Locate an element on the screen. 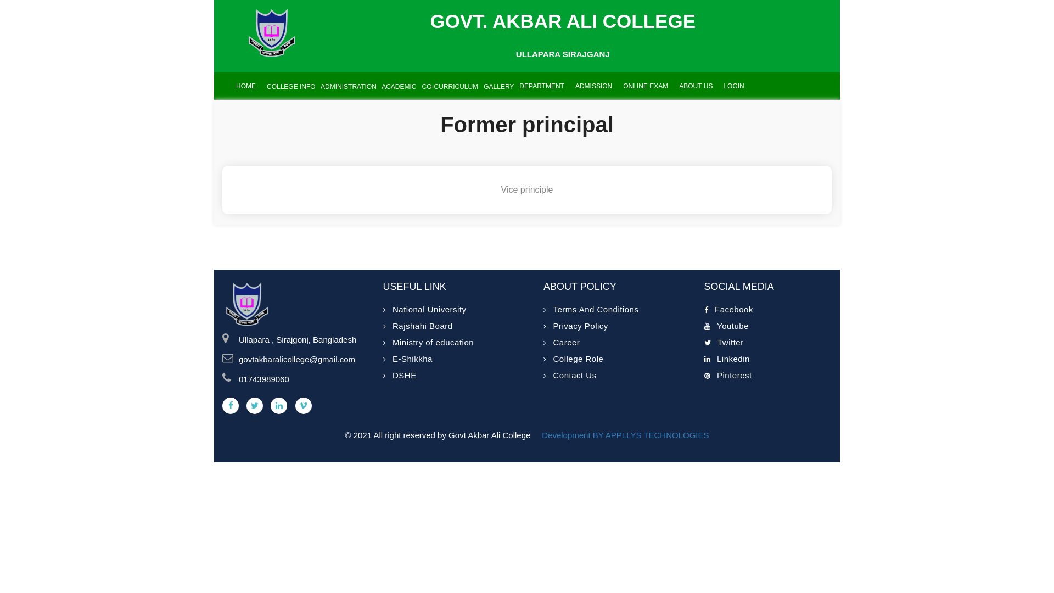  '   ADMINISTRATION' is located at coordinates (345, 86).